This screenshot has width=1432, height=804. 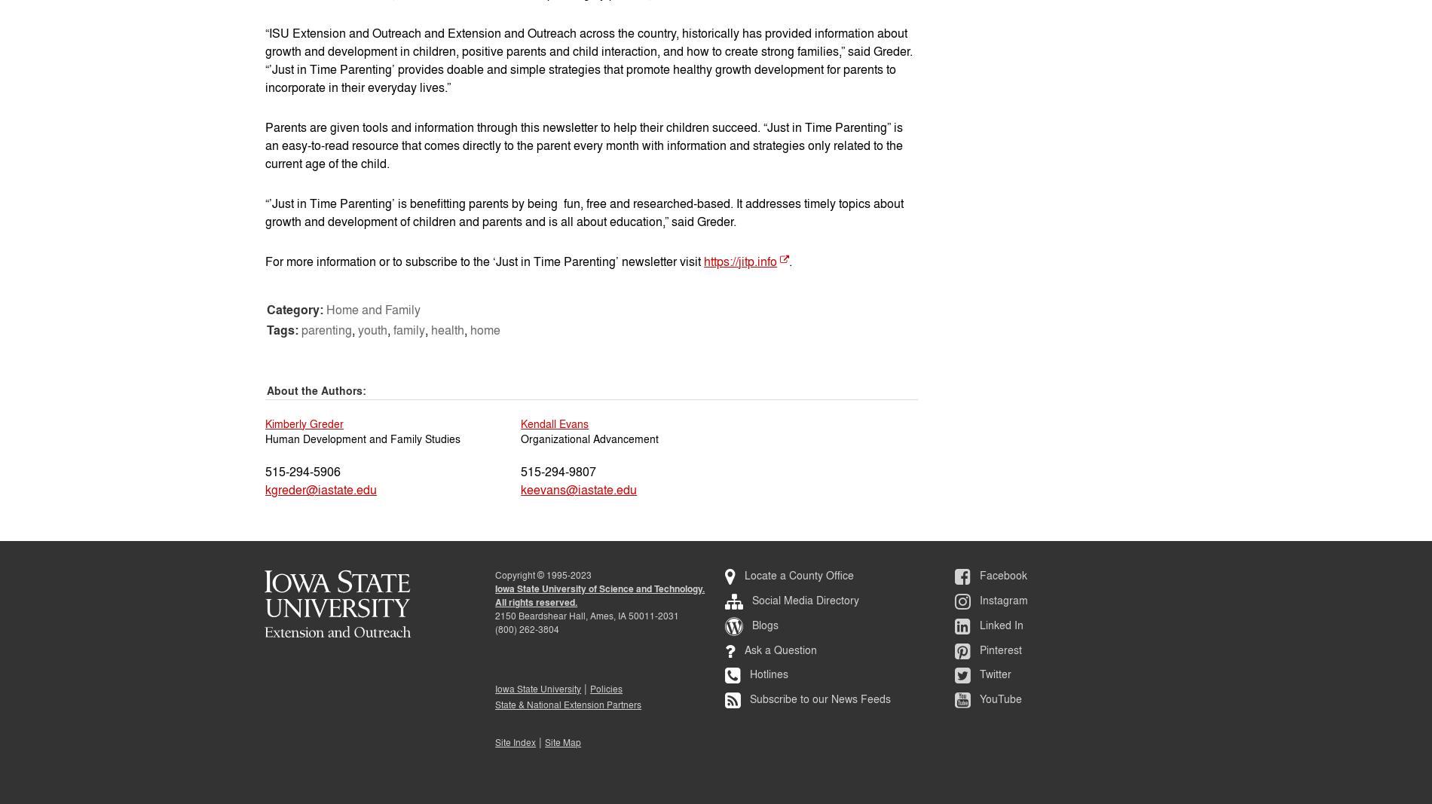 I want to click on 'Copyright © 1995-', so click(x=532, y=574).